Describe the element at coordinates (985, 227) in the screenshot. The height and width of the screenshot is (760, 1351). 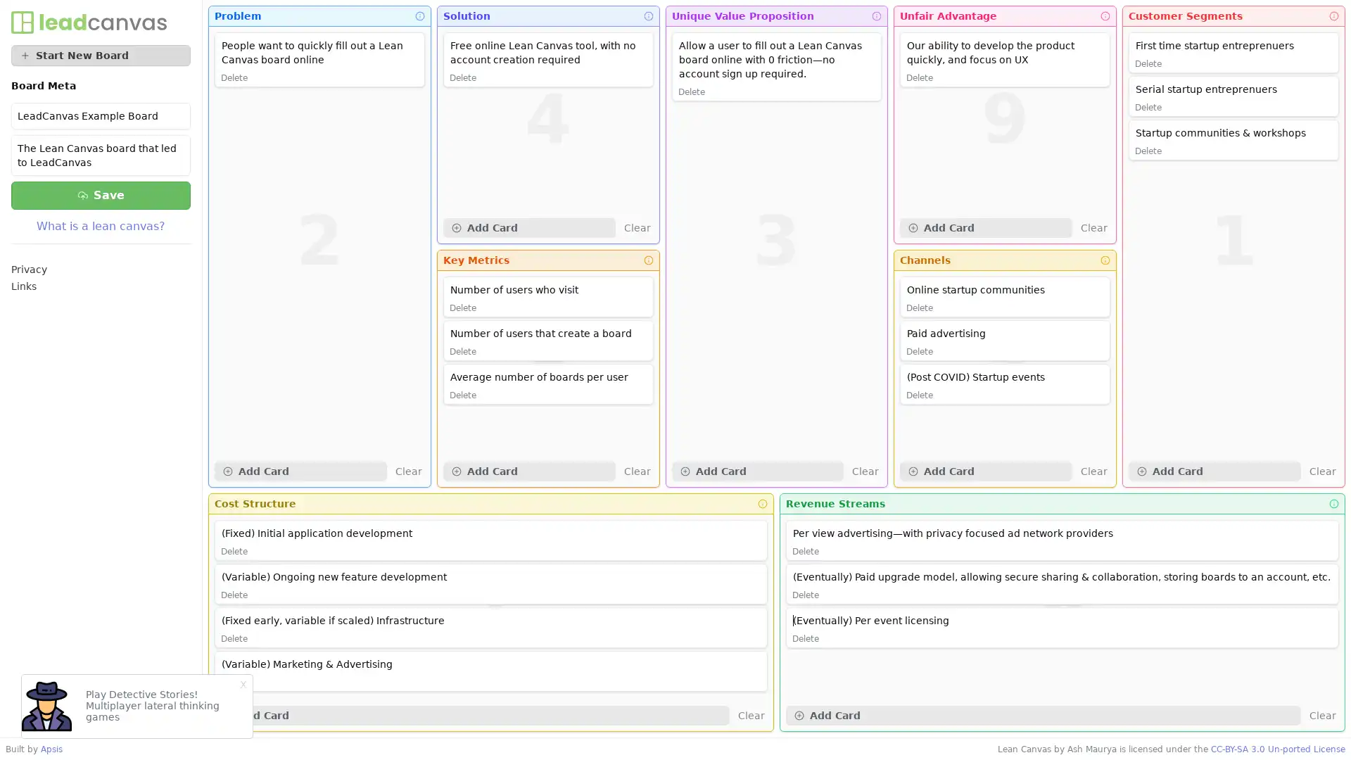
I see `Add Card` at that location.